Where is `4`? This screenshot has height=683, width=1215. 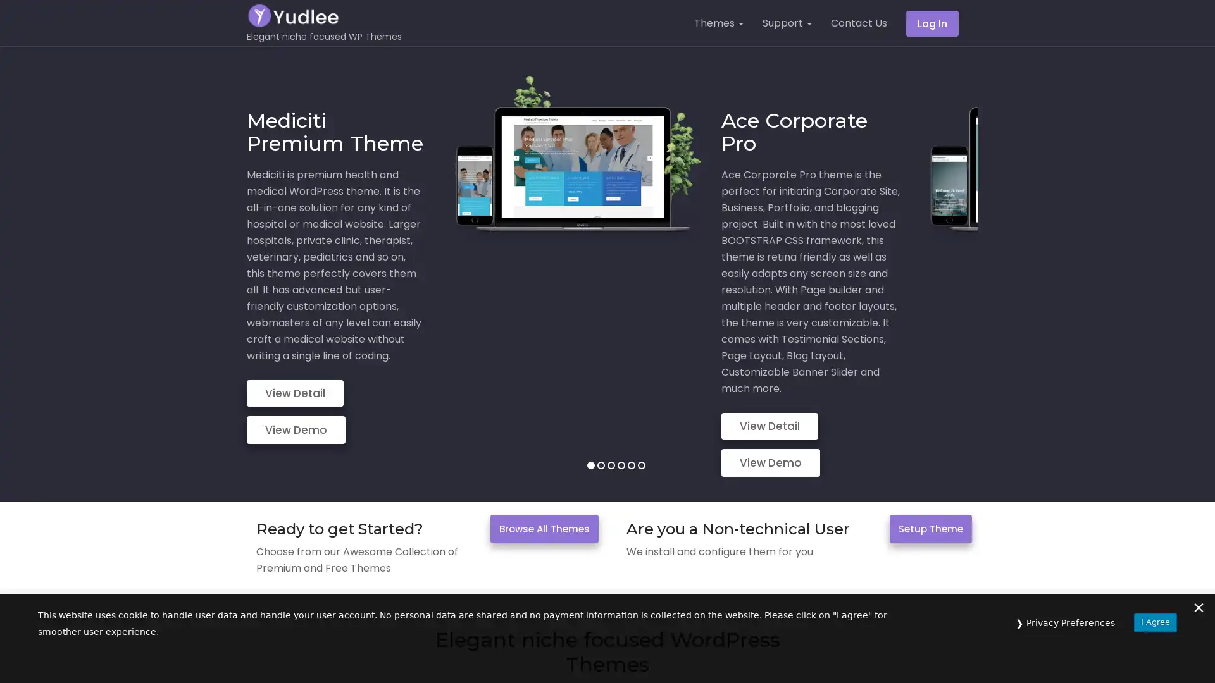
4 is located at coordinates (620, 376).